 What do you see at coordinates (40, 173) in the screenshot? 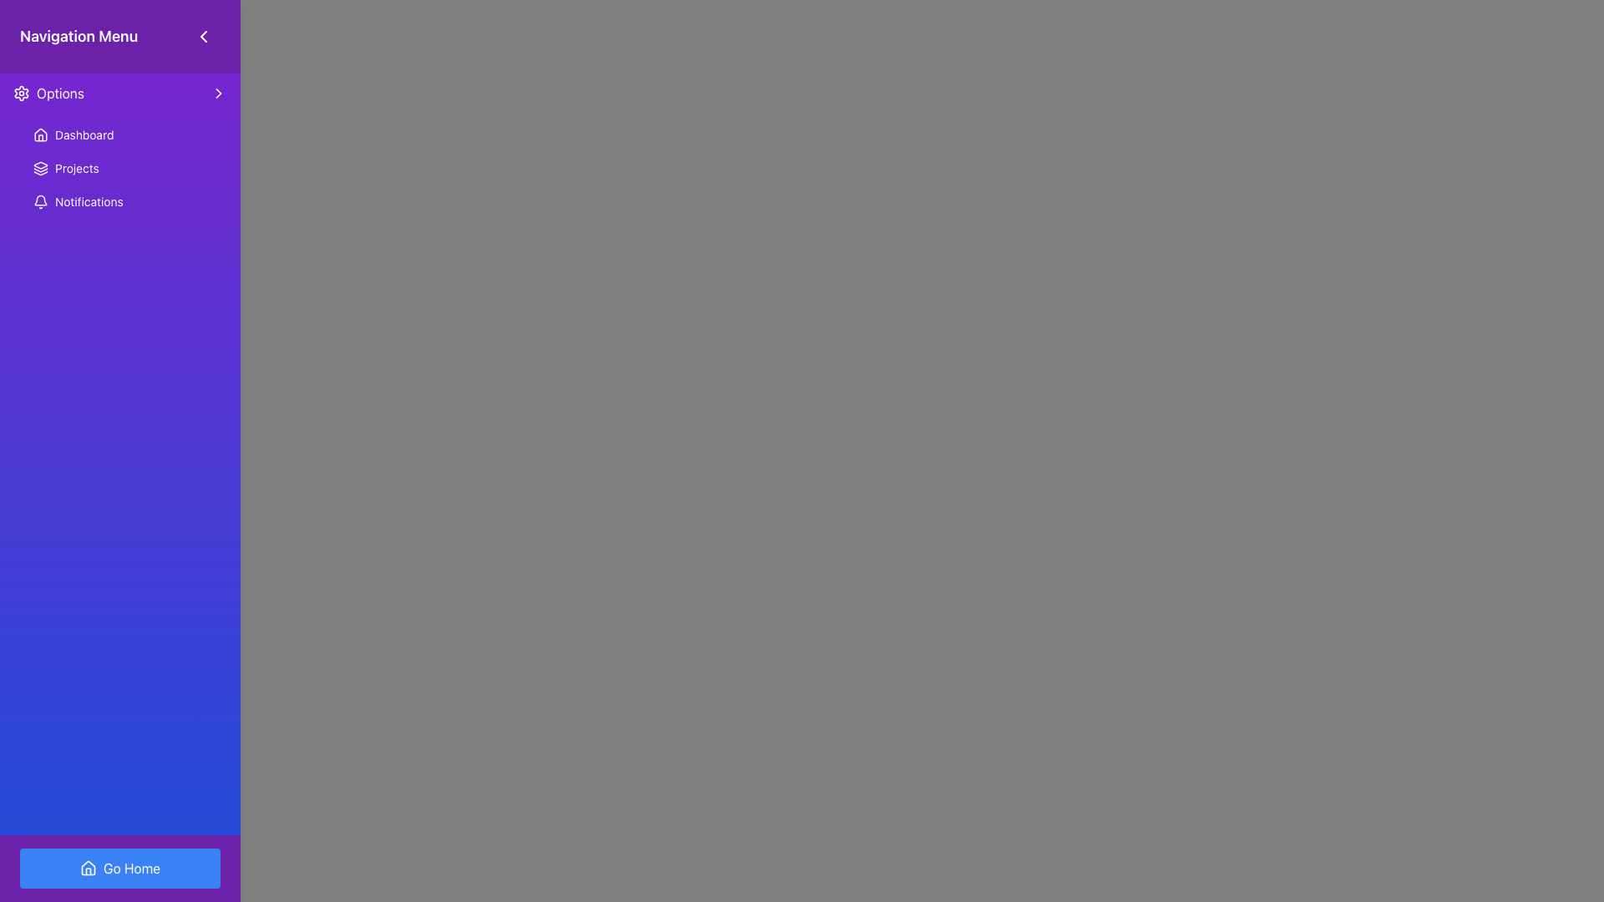
I see `the bottommost decorative vector shape in the icon resembling layered items, situated in the navigation menu to the left of the text entry labeled 'Projects'` at bounding box center [40, 173].